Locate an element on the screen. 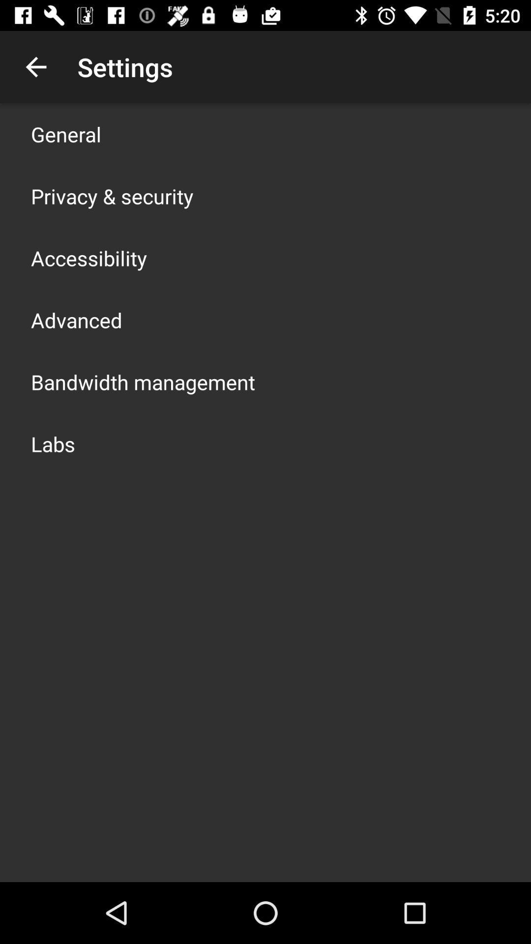  item above accessibility app is located at coordinates (112, 196).